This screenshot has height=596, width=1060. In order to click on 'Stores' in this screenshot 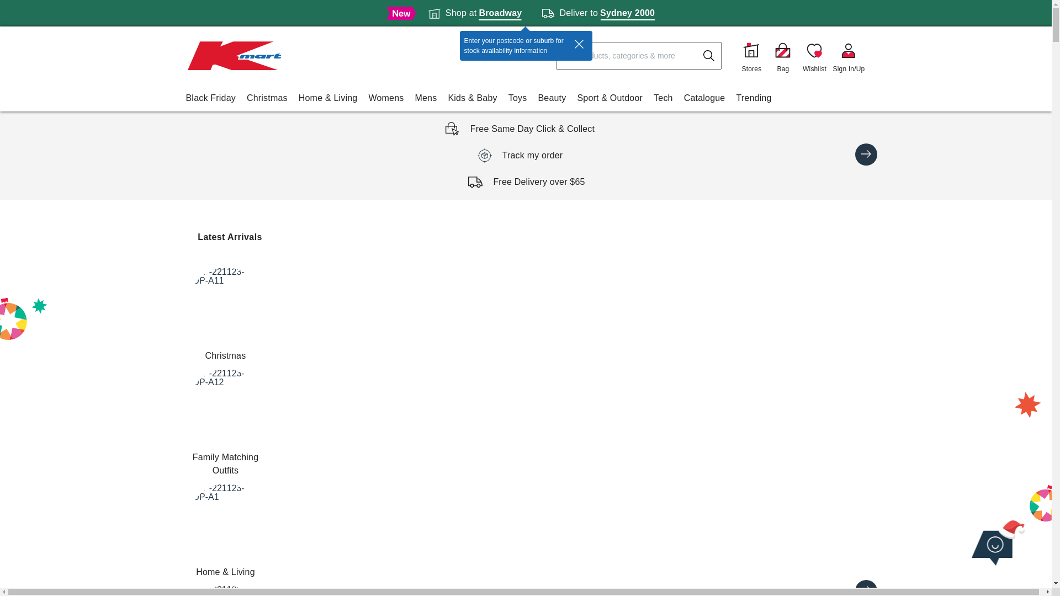, I will do `click(751, 55)`.